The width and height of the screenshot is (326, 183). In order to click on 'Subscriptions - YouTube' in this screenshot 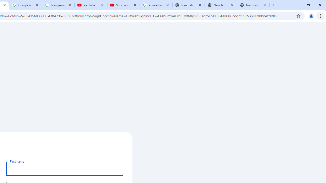, I will do `click(124, 5)`.